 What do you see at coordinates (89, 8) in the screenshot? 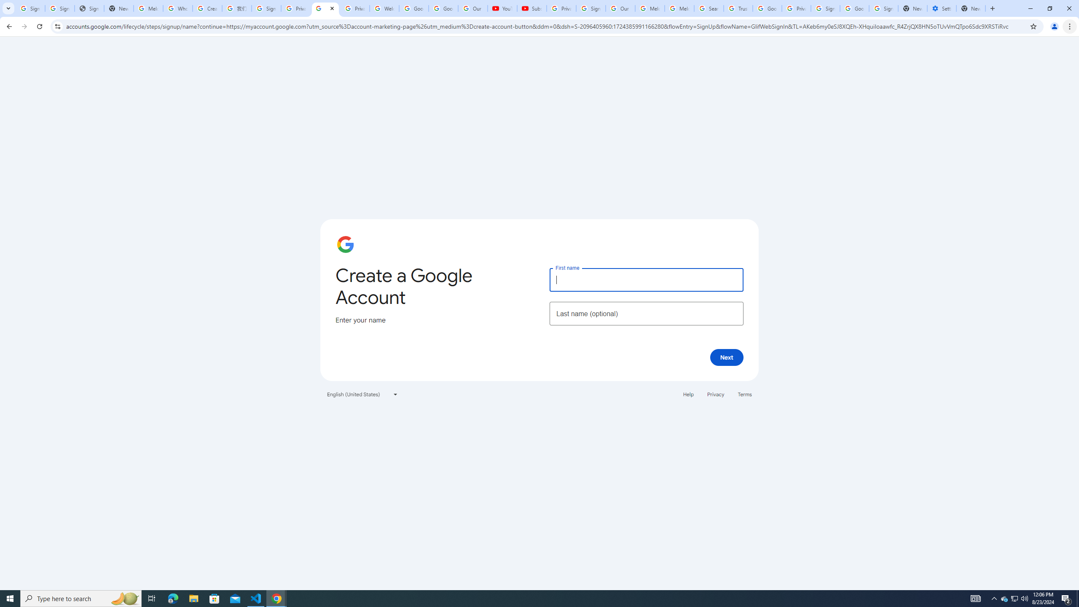
I see `'Sign In - USA TODAY'` at bounding box center [89, 8].